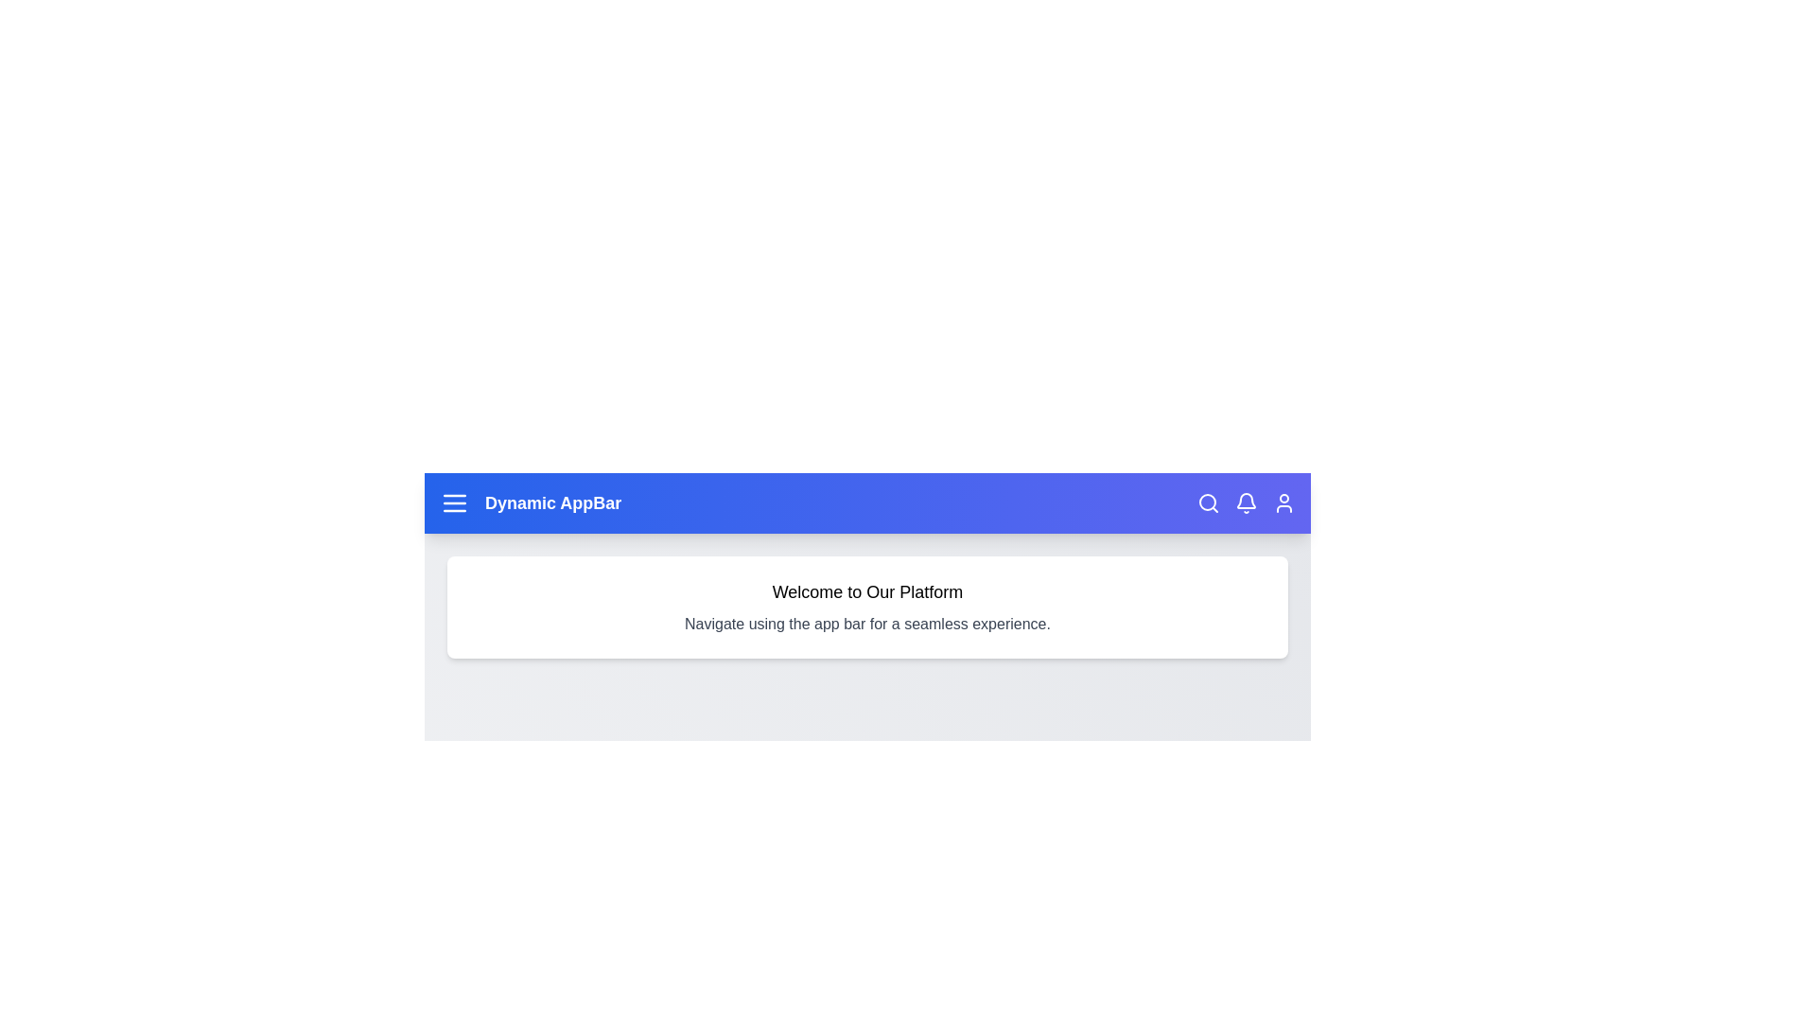 The image size is (1816, 1022). What do you see at coordinates (454, 502) in the screenshot?
I see `the menu icon to toggle the menu` at bounding box center [454, 502].